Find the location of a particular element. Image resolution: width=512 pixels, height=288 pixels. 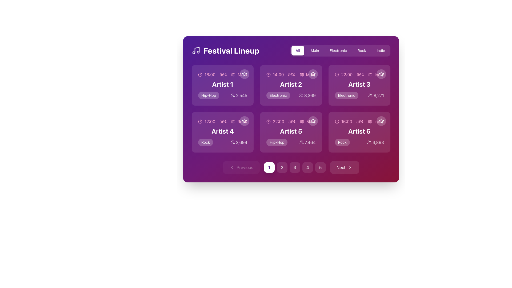

the star-shaped icon within the card for 'Artist 6' located at the bottom-right of the grid to mark or unmark as favorite is located at coordinates (381, 121).